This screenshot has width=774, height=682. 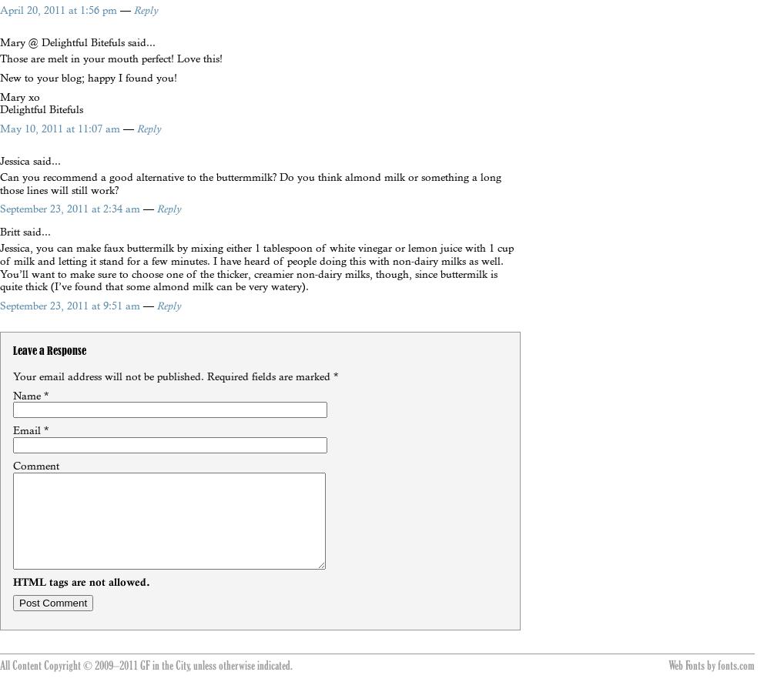 I want to click on 'Leave a Response', so click(x=12, y=350).